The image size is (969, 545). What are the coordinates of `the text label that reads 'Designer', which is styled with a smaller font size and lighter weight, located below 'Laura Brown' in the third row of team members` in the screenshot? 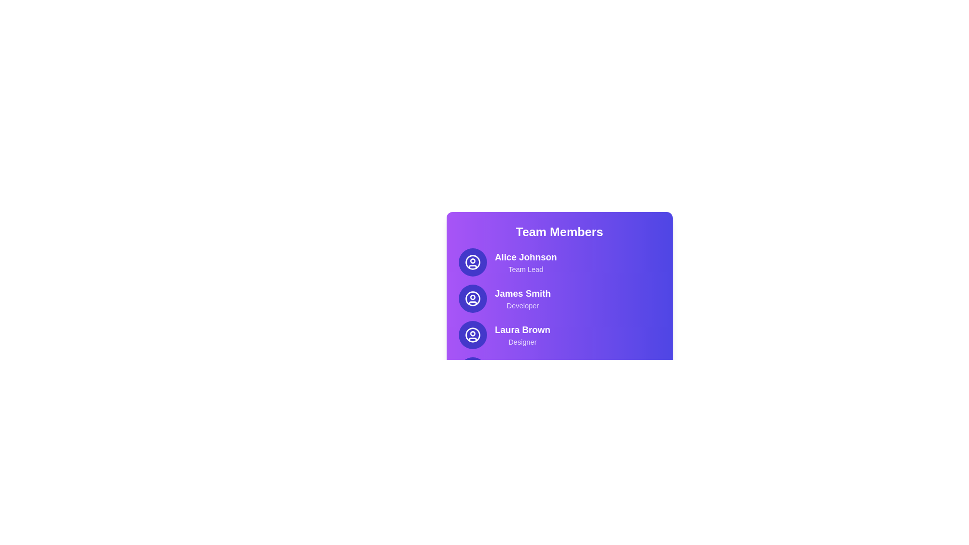 It's located at (522, 342).